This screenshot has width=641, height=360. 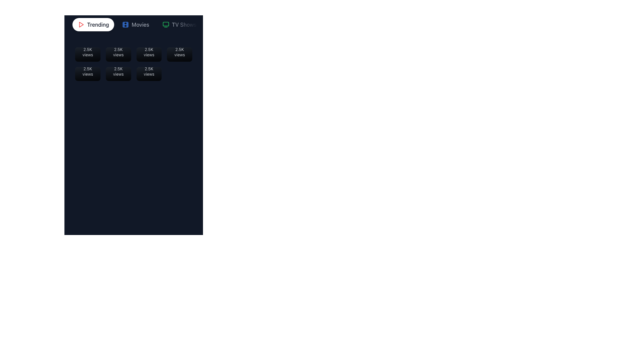 I want to click on the label displaying content statistics for the number of views, located in the second row and second column of the grid layout, so click(x=118, y=74).